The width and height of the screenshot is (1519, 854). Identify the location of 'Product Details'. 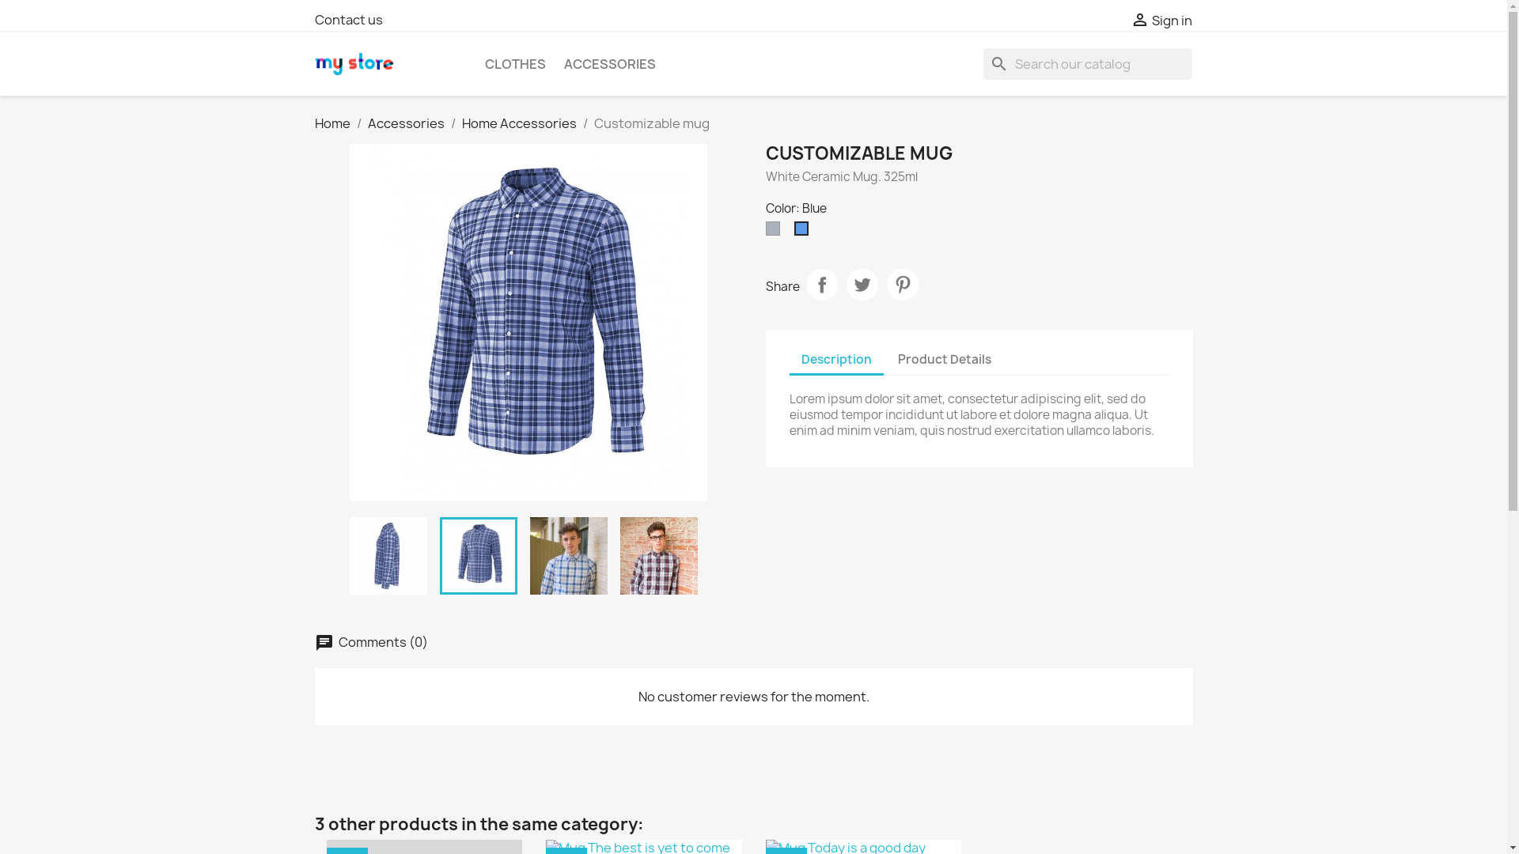
(945, 359).